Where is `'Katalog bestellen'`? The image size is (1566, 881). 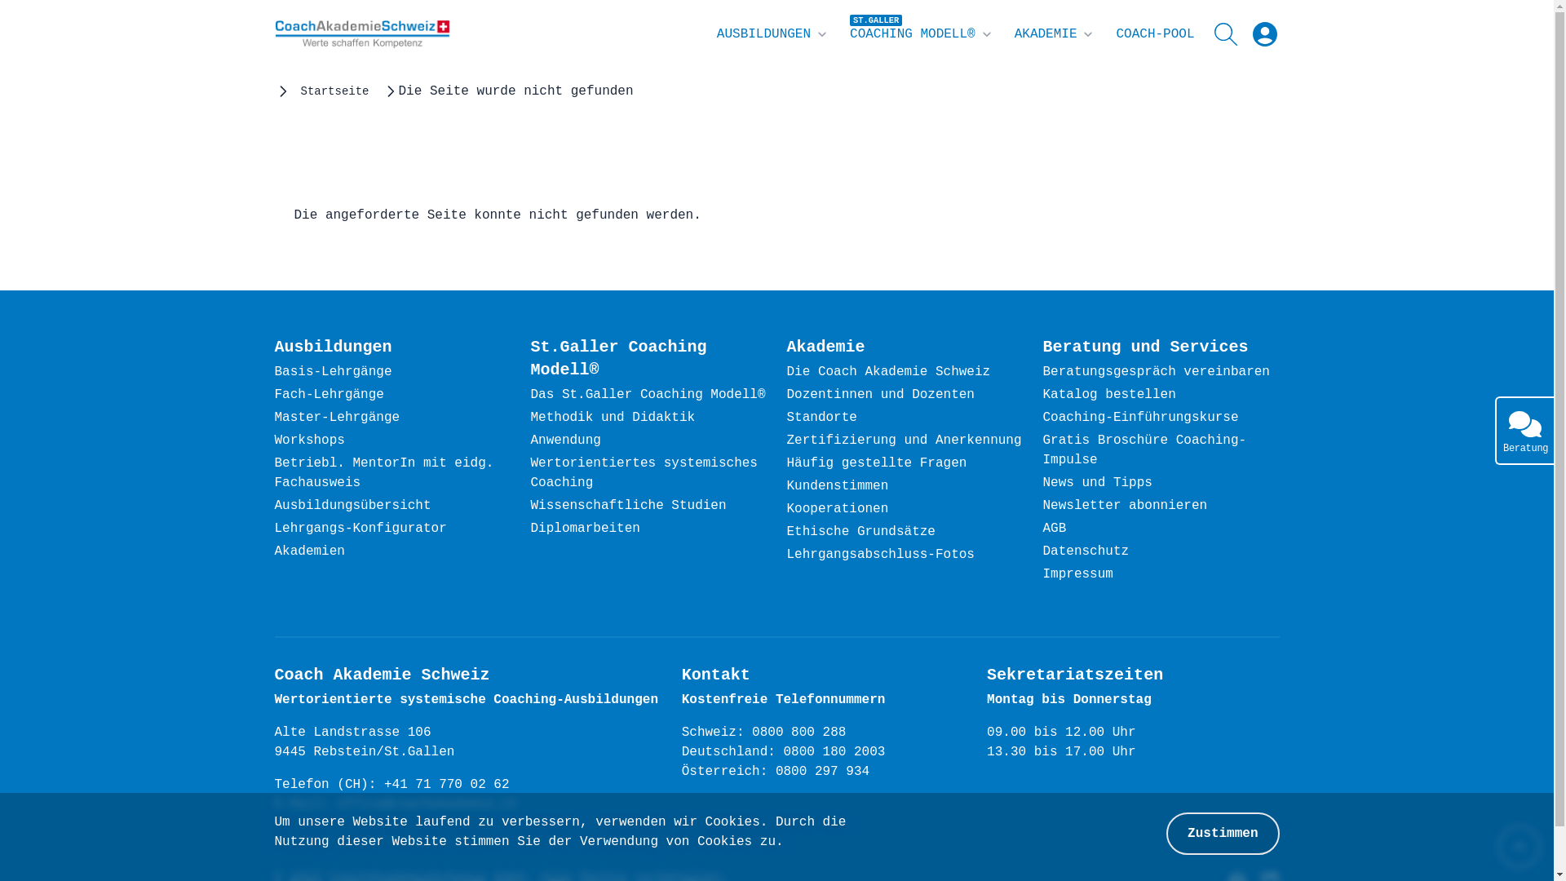
'Katalog bestellen' is located at coordinates (1108, 396).